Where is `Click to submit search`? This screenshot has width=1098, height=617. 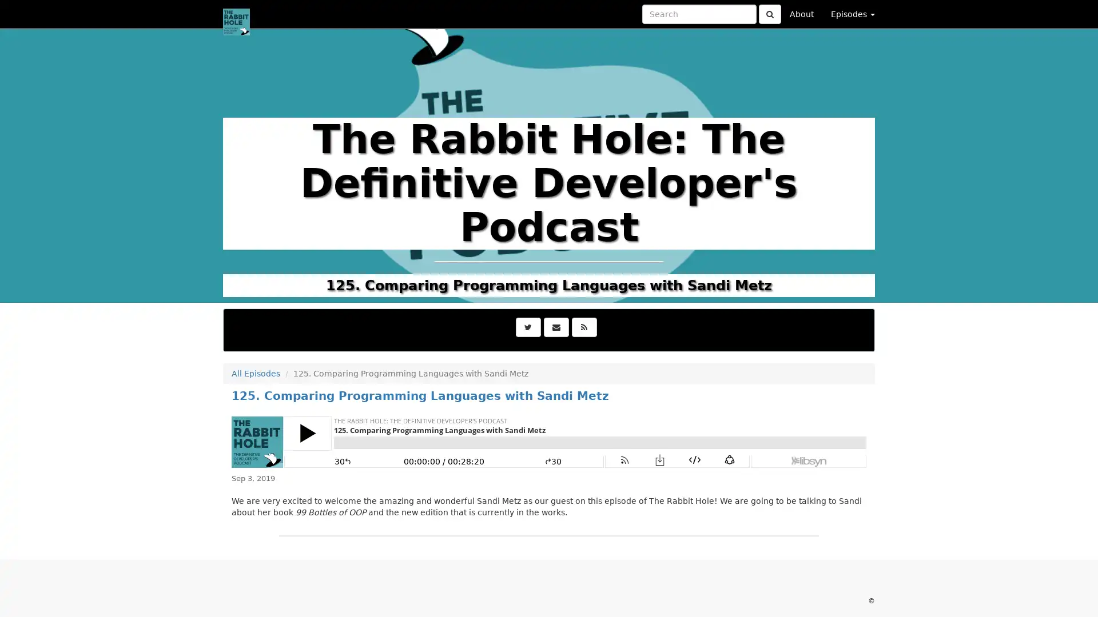 Click to submit search is located at coordinates (770, 14).